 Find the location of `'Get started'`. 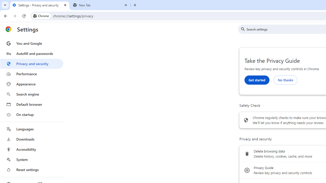

'Get started' is located at coordinates (257, 80).